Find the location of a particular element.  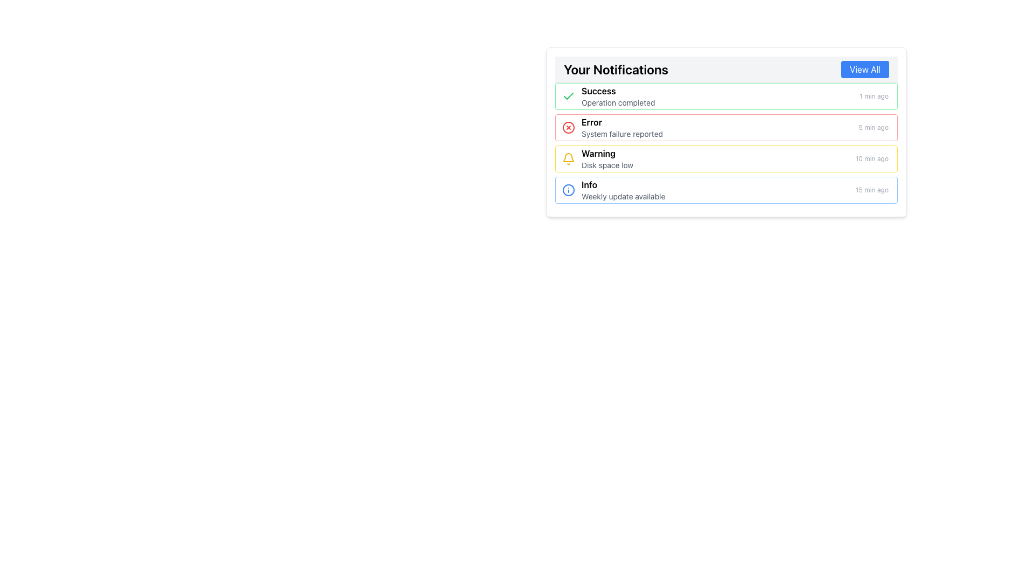

the interactive elements within the Notification banner that contains the title 'Info', the message 'Weekly update available', and the timestamp '15 min ago' is located at coordinates (726, 190).